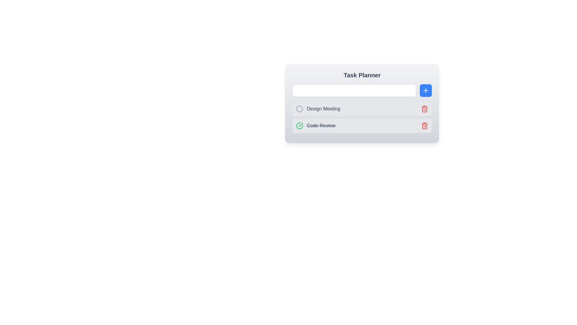  What do you see at coordinates (300, 109) in the screenshot?
I see `the circular SVG graphical element with a gray stroke located slightly above the 'Design Meeting' label in the task planner interface` at bounding box center [300, 109].